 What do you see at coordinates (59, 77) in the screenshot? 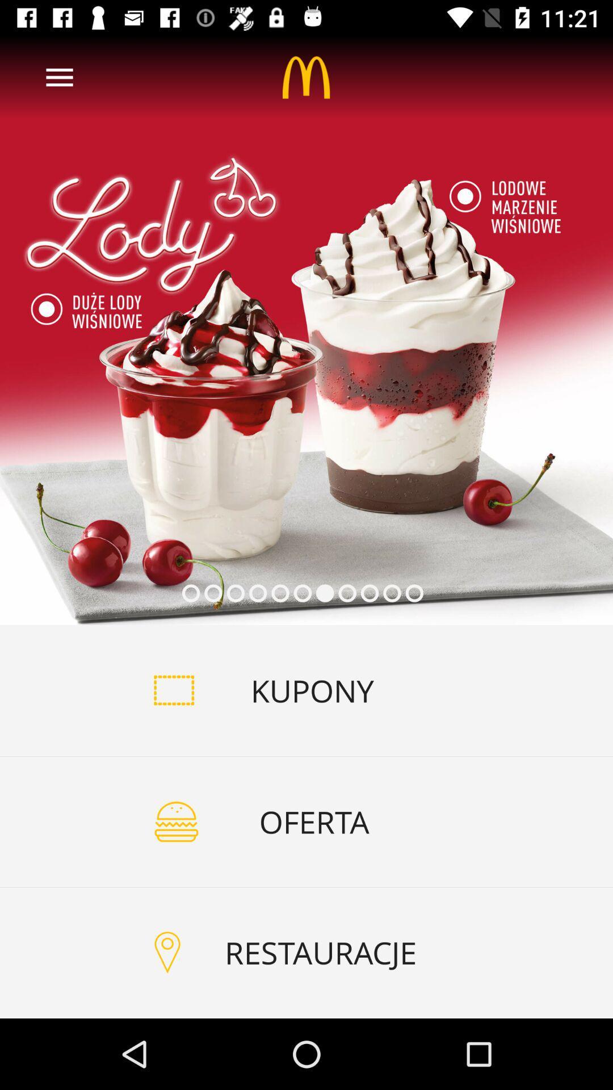
I see `menu` at bounding box center [59, 77].